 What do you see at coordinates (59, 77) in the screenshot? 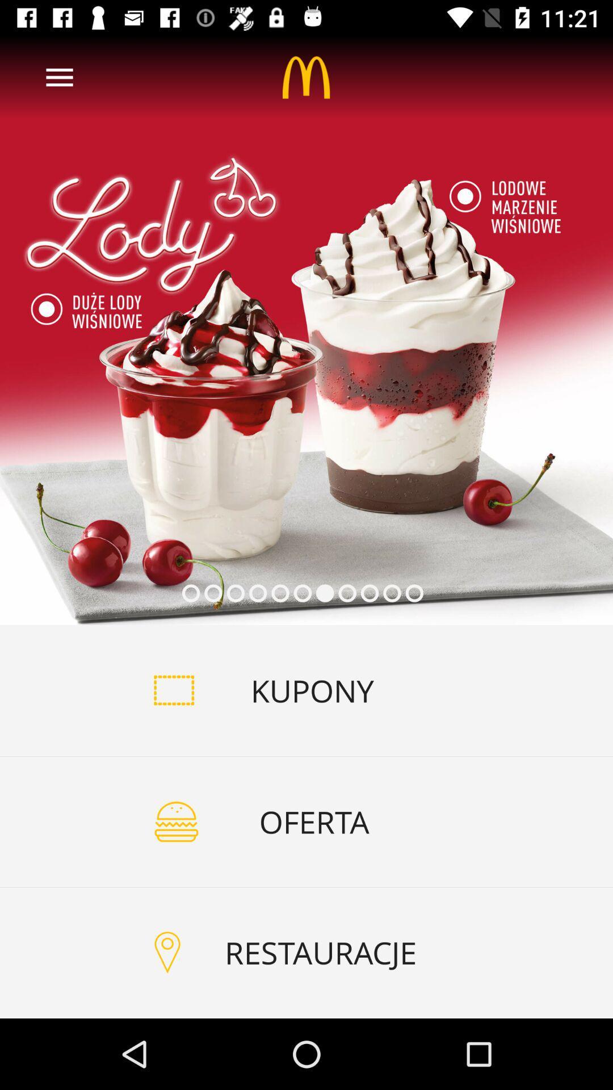
I see `menu` at bounding box center [59, 77].